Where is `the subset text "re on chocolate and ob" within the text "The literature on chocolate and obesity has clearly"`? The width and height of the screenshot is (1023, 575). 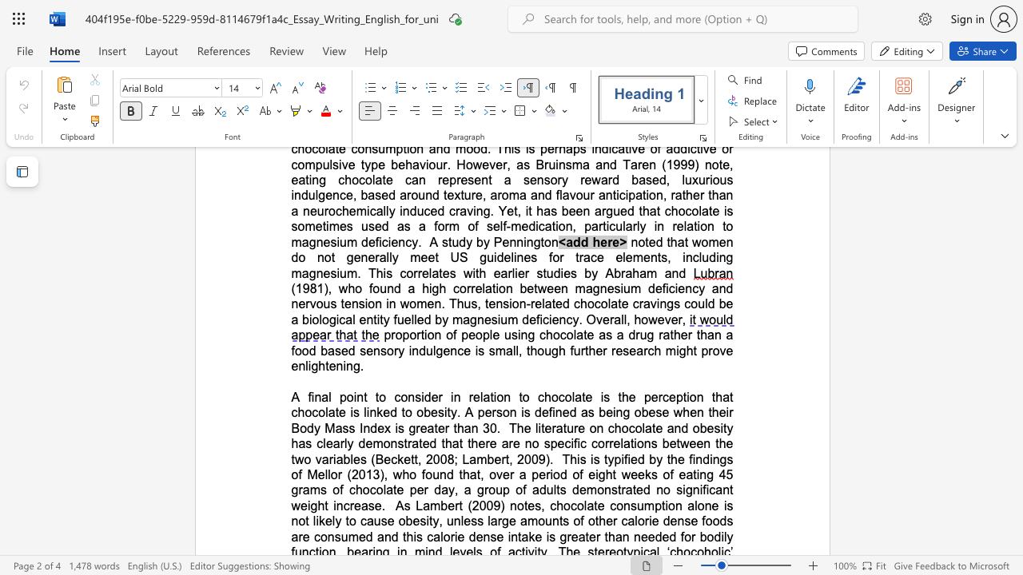
the subset text "re on chocolate and ob" within the text "The literature on chocolate and obesity has clearly" is located at coordinates (574, 427).